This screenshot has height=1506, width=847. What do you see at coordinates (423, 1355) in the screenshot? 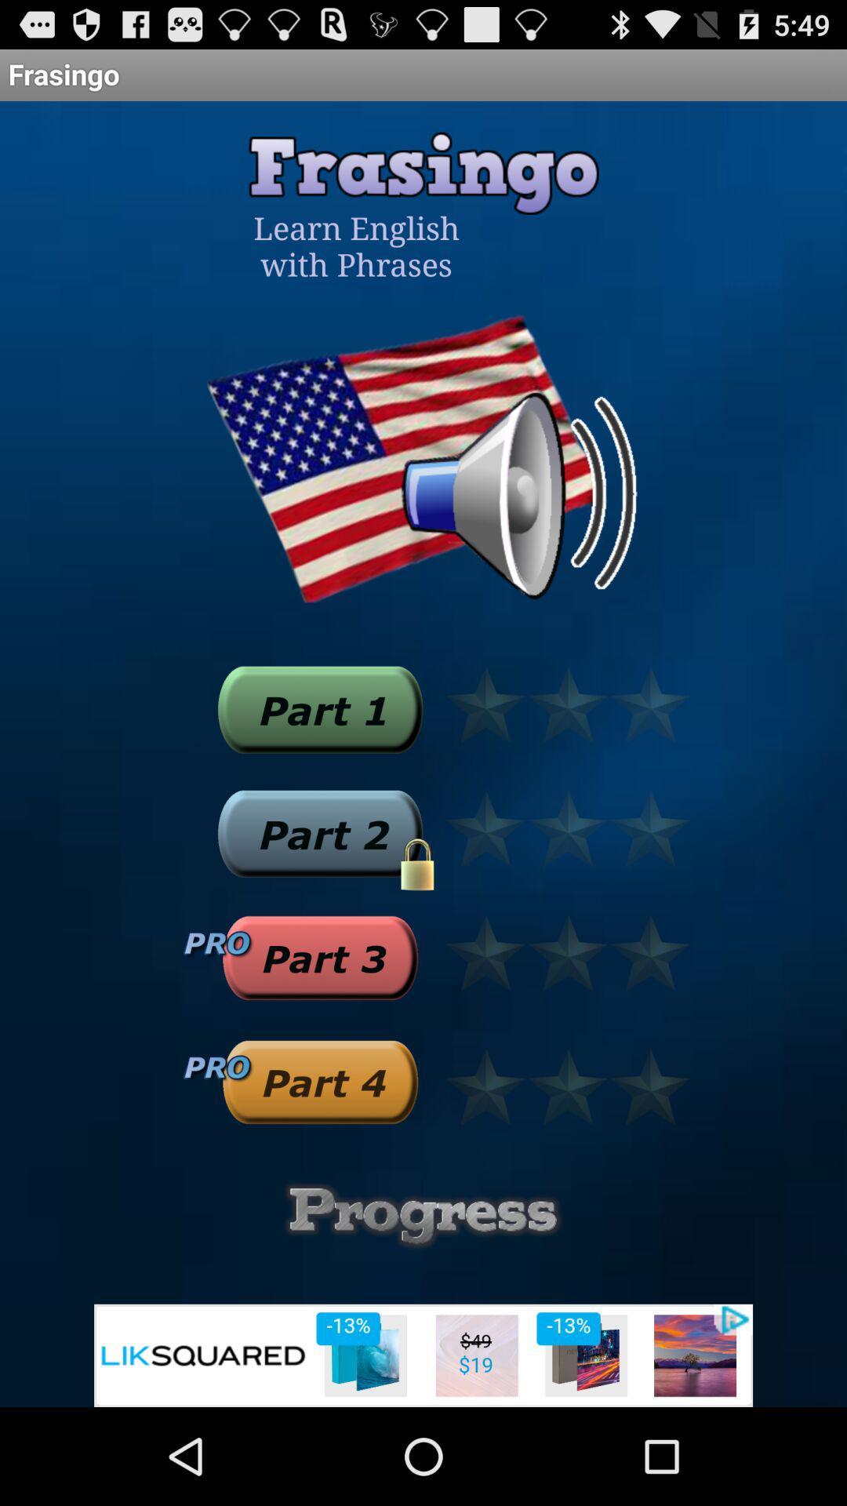
I see `adverts display` at bounding box center [423, 1355].